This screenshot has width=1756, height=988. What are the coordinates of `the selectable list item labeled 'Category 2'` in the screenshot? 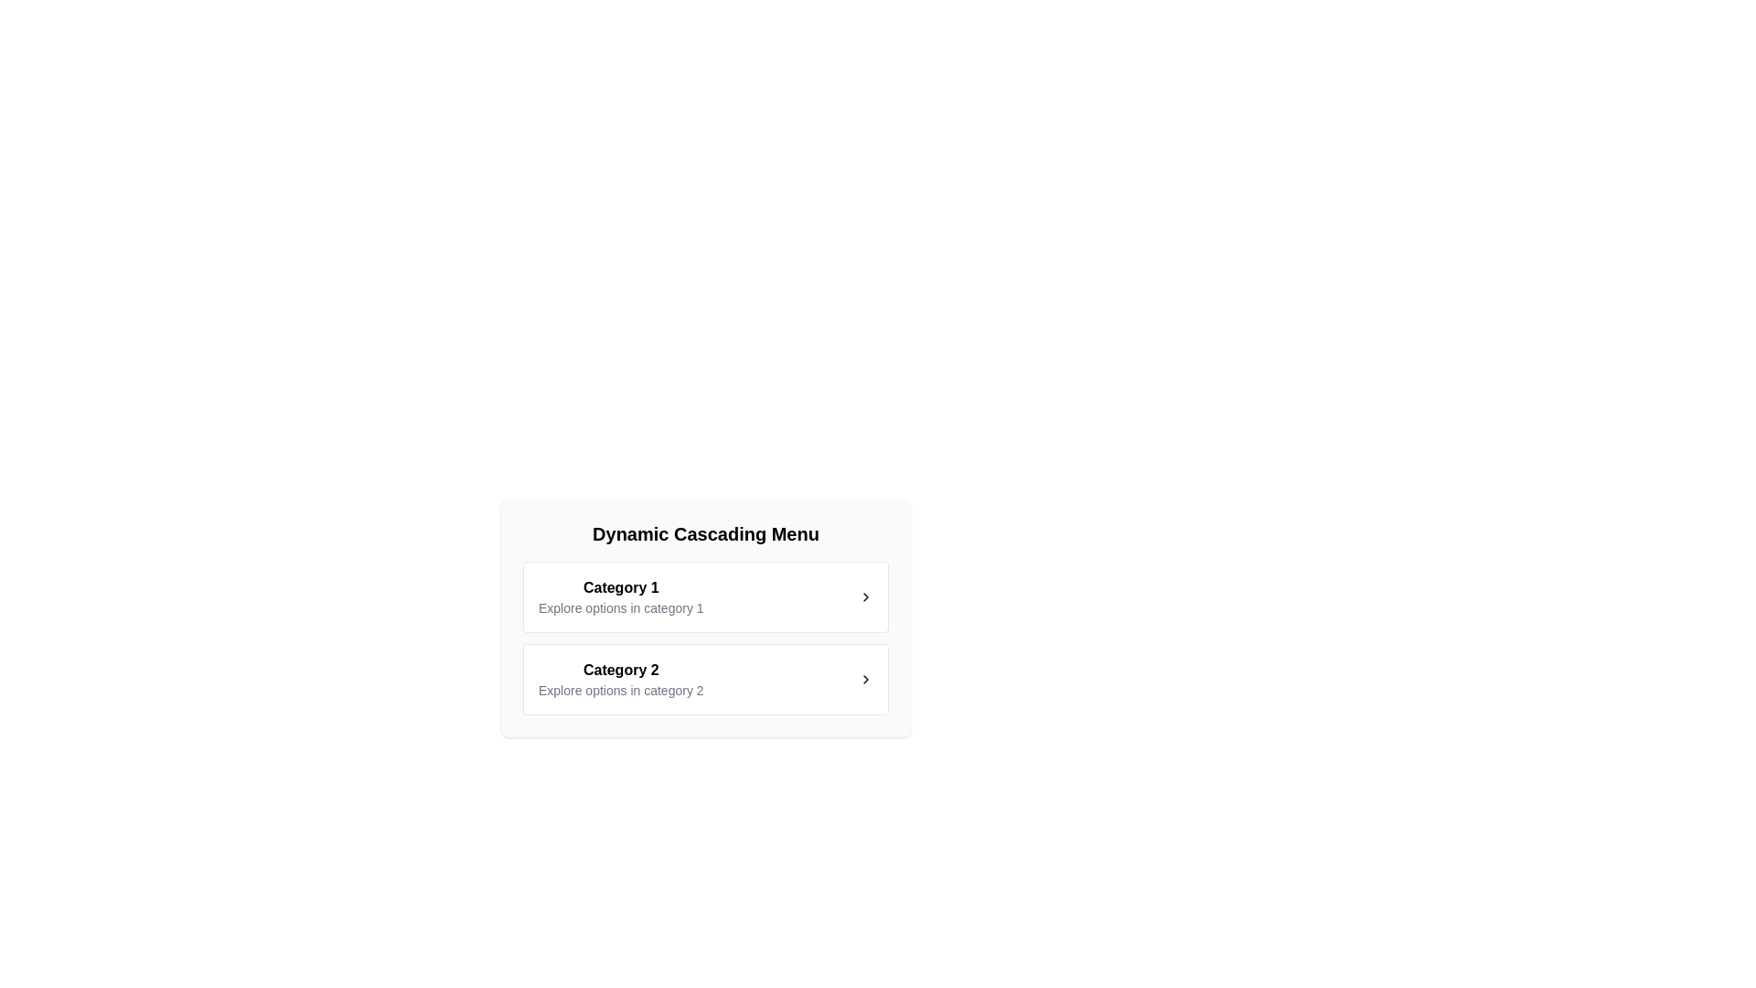 It's located at (705, 680).